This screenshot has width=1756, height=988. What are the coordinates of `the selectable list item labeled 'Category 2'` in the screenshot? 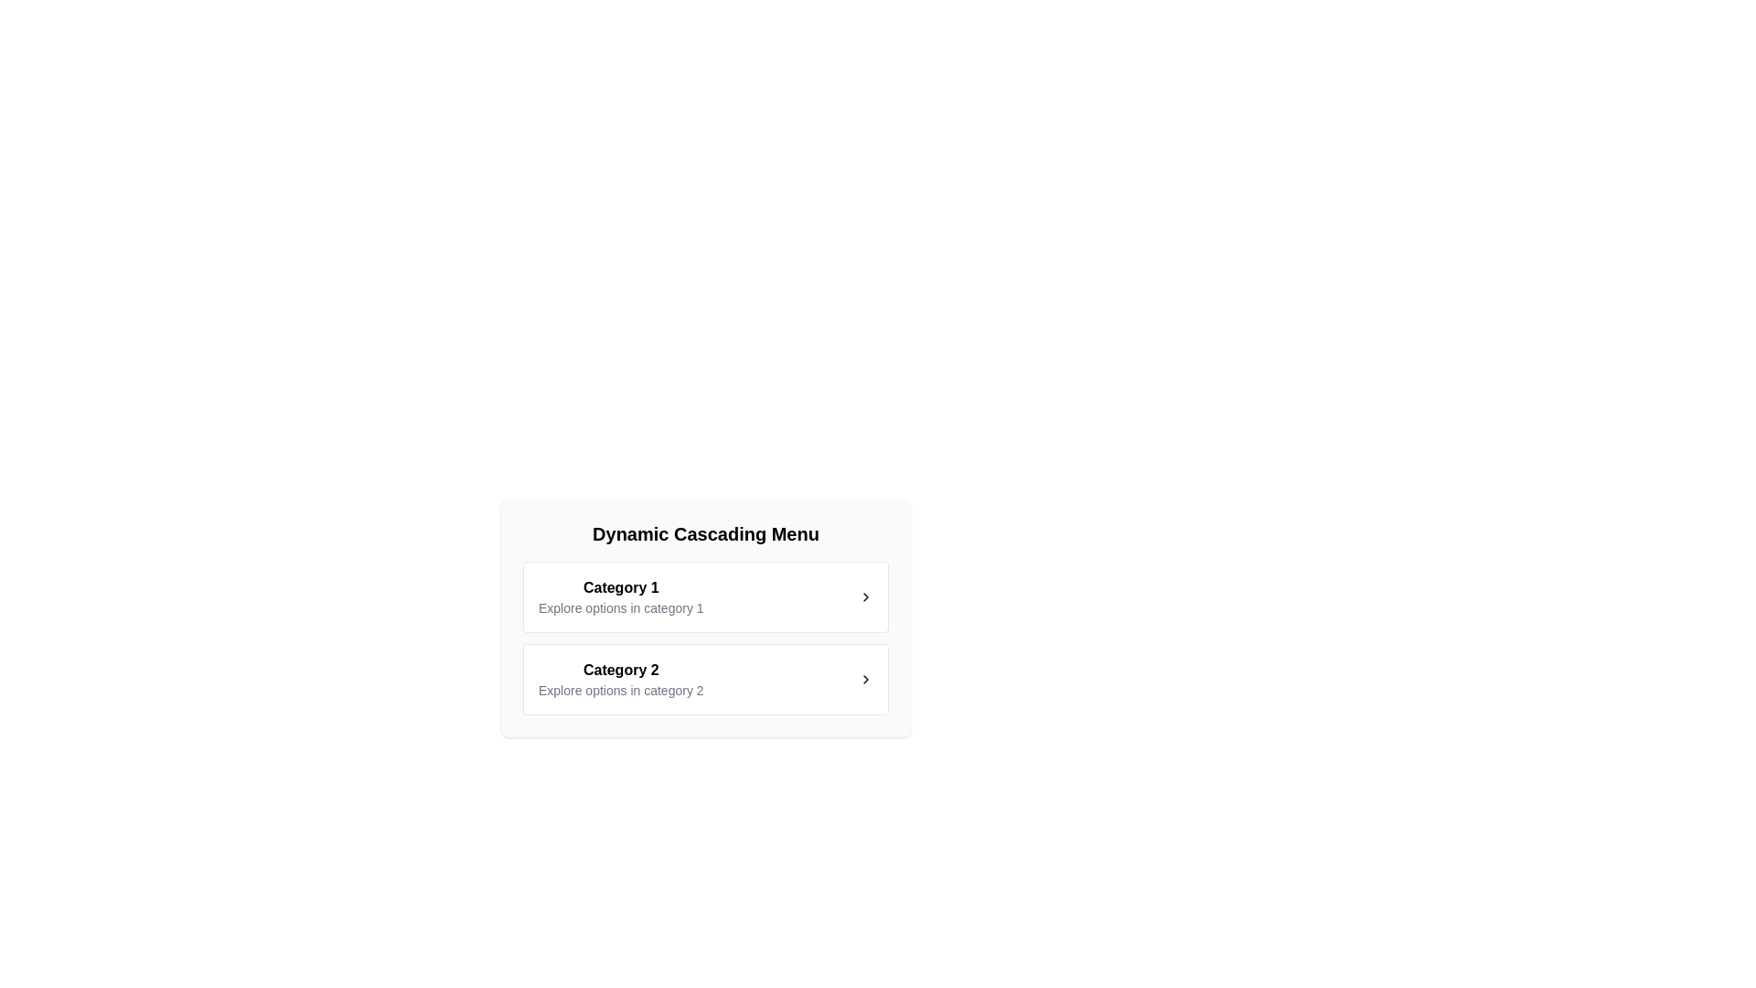 It's located at (705, 680).